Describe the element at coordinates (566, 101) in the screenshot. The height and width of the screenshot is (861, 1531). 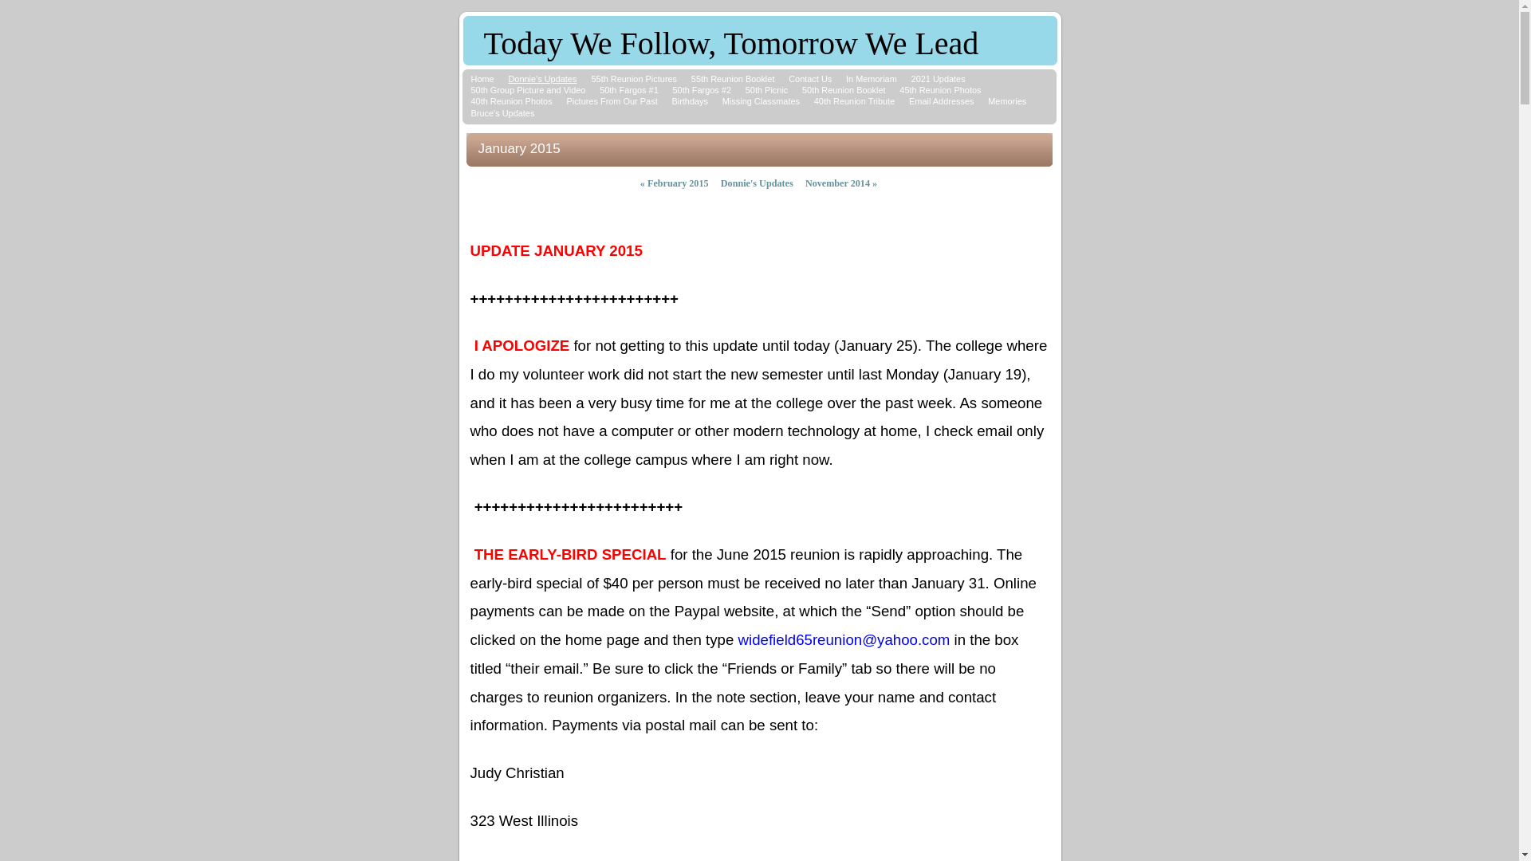
I see `'Pictures From Our Past'` at that location.